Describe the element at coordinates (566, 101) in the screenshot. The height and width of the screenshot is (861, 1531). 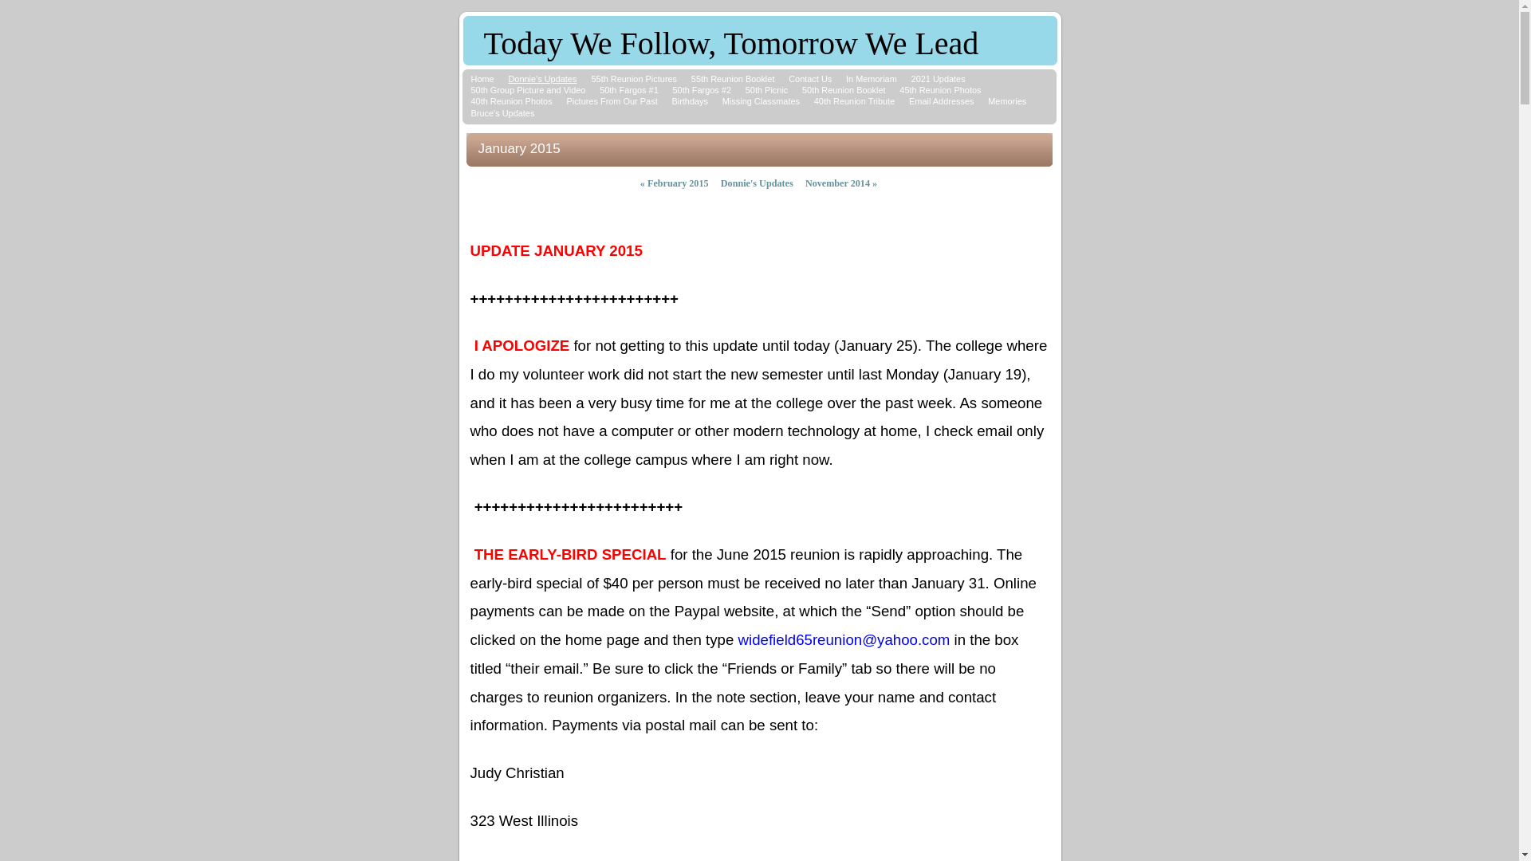
I see `'Pictures From Our Past'` at that location.